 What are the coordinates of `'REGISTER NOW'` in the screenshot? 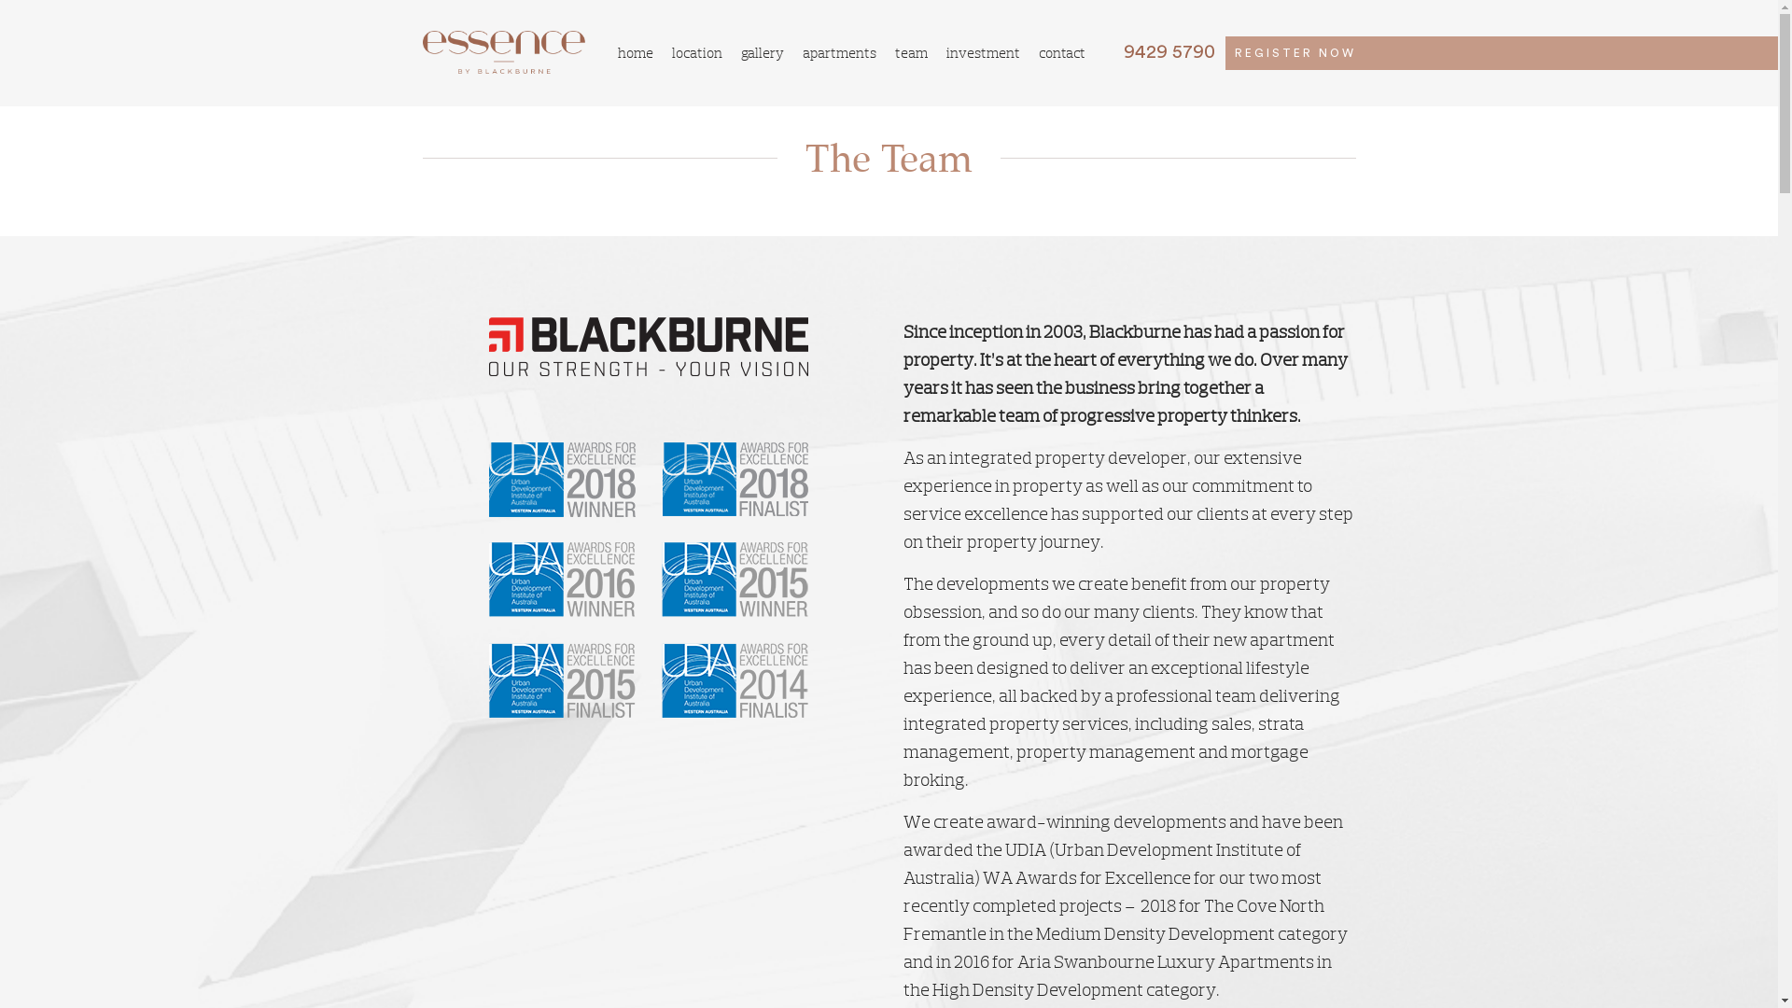 It's located at (1294, 52).